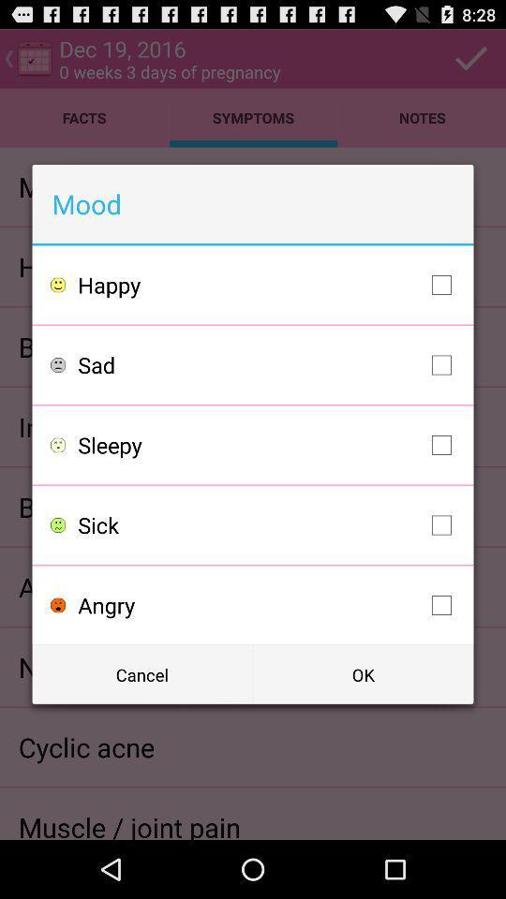 The height and width of the screenshot is (899, 506). I want to click on sad, so click(268, 363).